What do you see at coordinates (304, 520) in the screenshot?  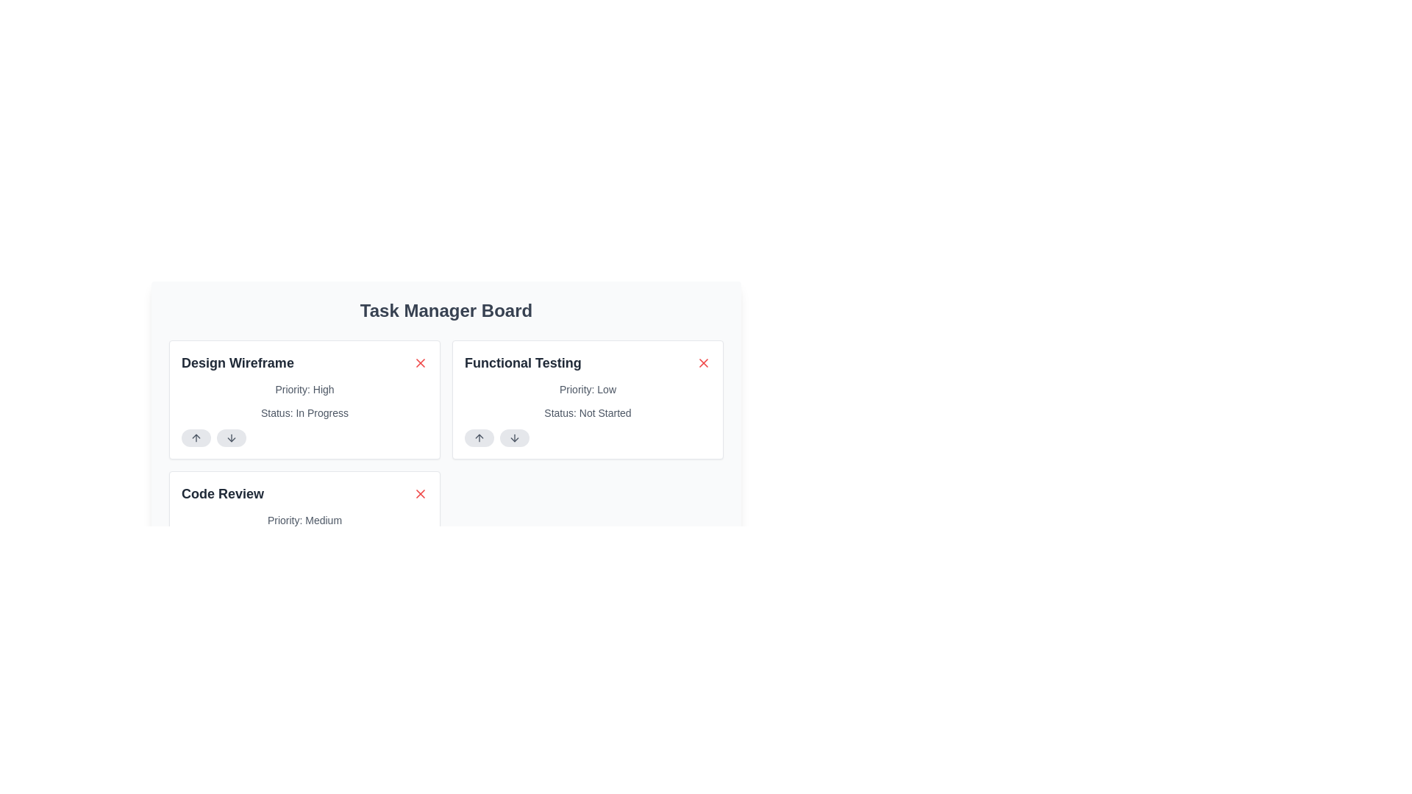 I see `the text label 'Priority: Medium' which is styled in gray and is located within the 'Code Review' task card, directly below the task title` at bounding box center [304, 520].